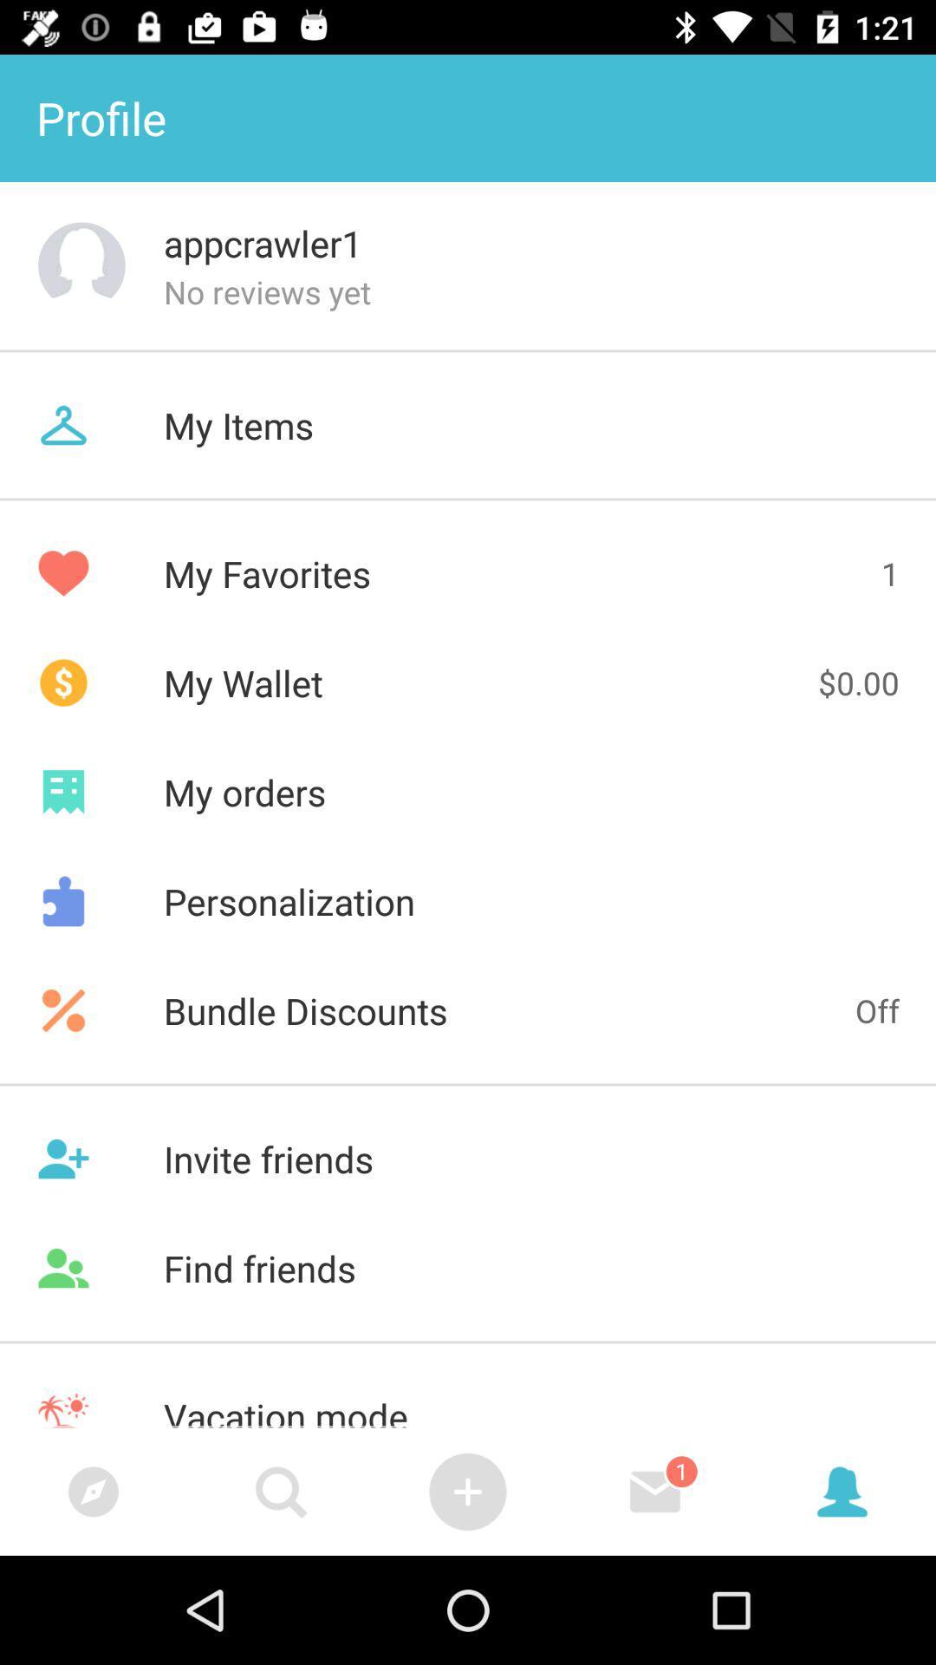 The height and width of the screenshot is (1665, 936). Describe the element at coordinates (468, 901) in the screenshot. I see `item below the my orders icon` at that location.